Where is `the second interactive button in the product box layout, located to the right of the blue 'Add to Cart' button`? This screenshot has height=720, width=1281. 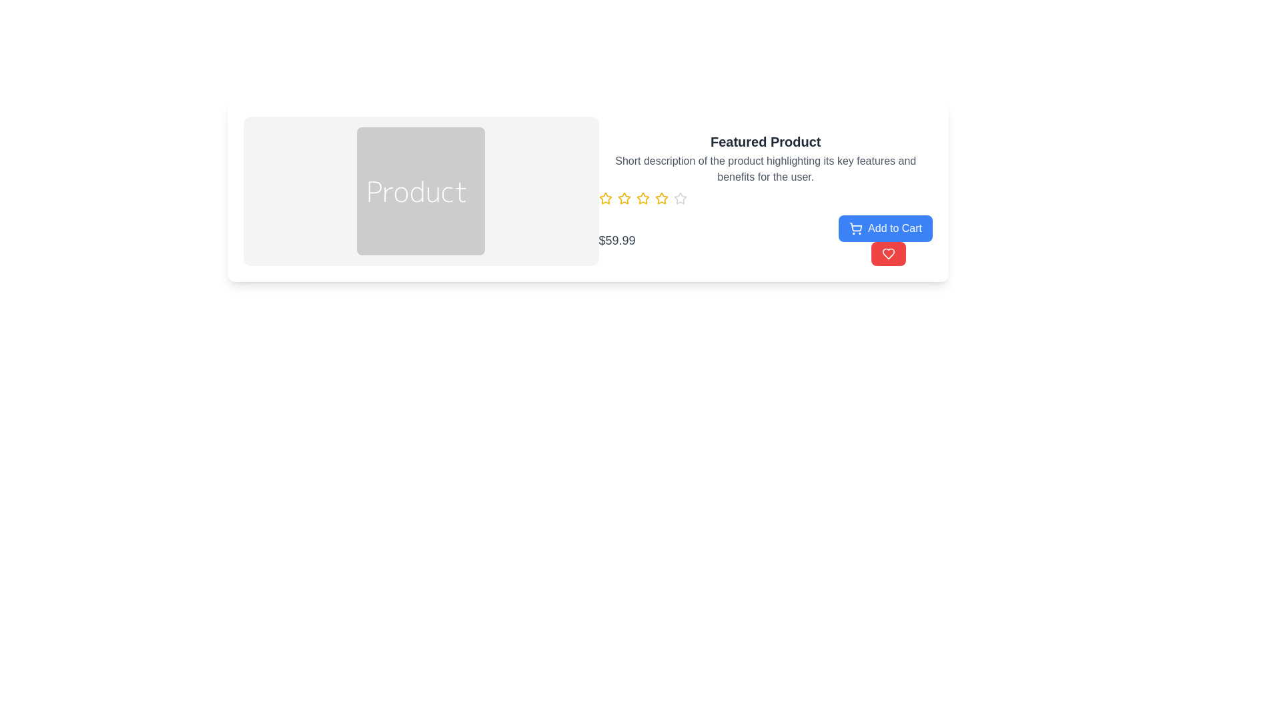
the second interactive button in the product box layout, located to the right of the blue 'Add to Cart' button is located at coordinates (888, 254).